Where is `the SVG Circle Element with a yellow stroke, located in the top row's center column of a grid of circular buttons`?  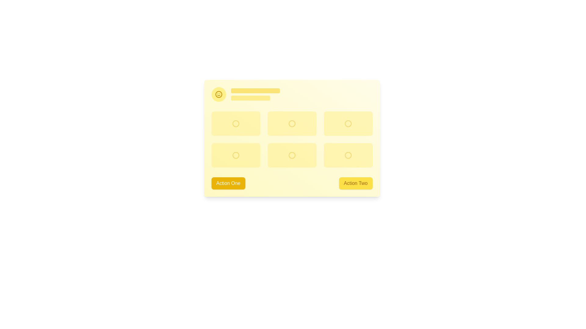
the SVG Circle Element with a yellow stroke, located in the top row's center column of a grid of circular buttons is located at coordinates (291, 123).